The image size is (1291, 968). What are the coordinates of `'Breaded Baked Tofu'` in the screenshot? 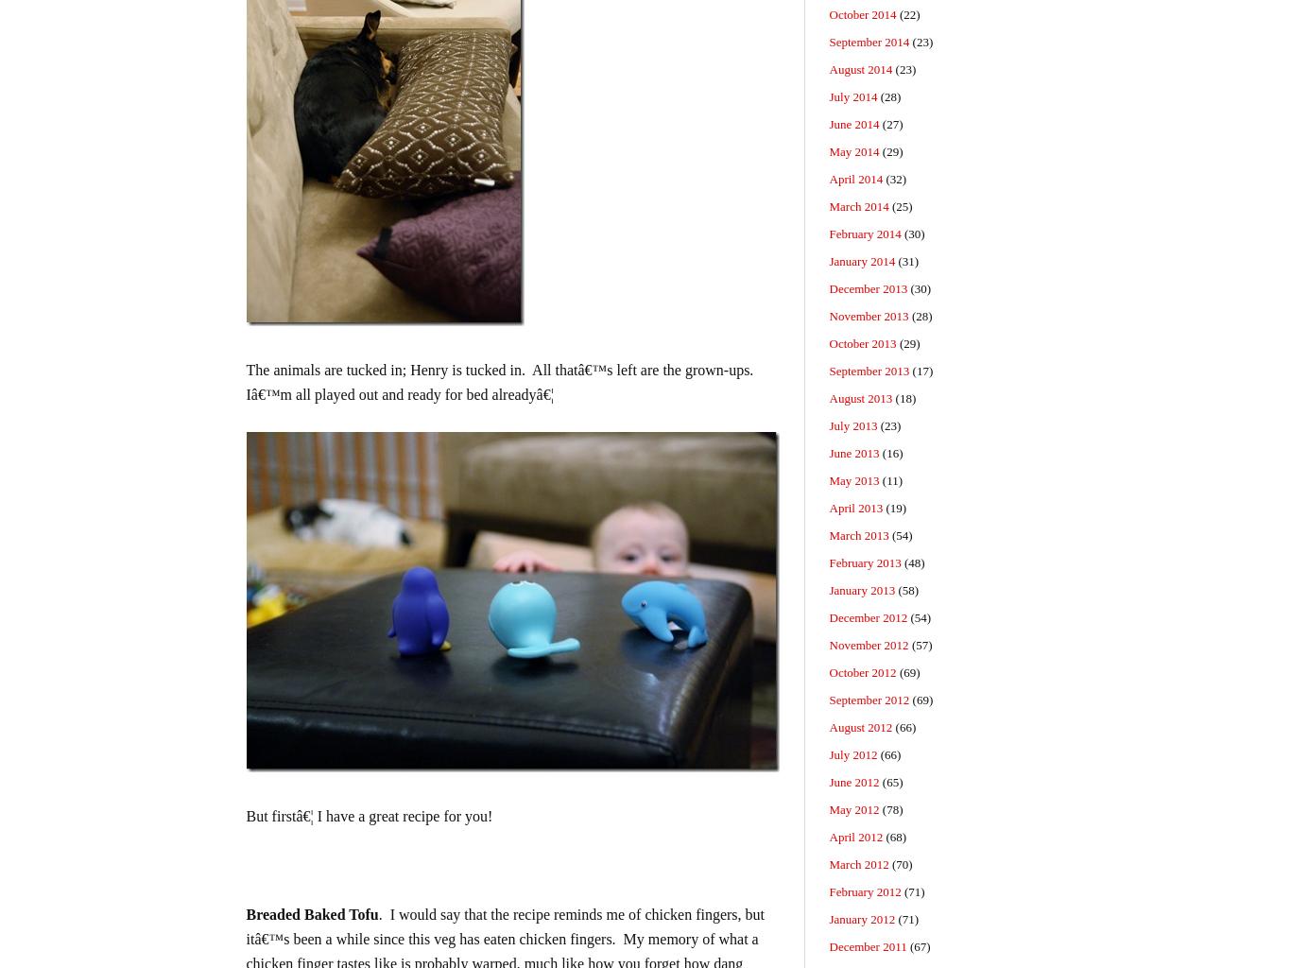 It's located at (245, 914).